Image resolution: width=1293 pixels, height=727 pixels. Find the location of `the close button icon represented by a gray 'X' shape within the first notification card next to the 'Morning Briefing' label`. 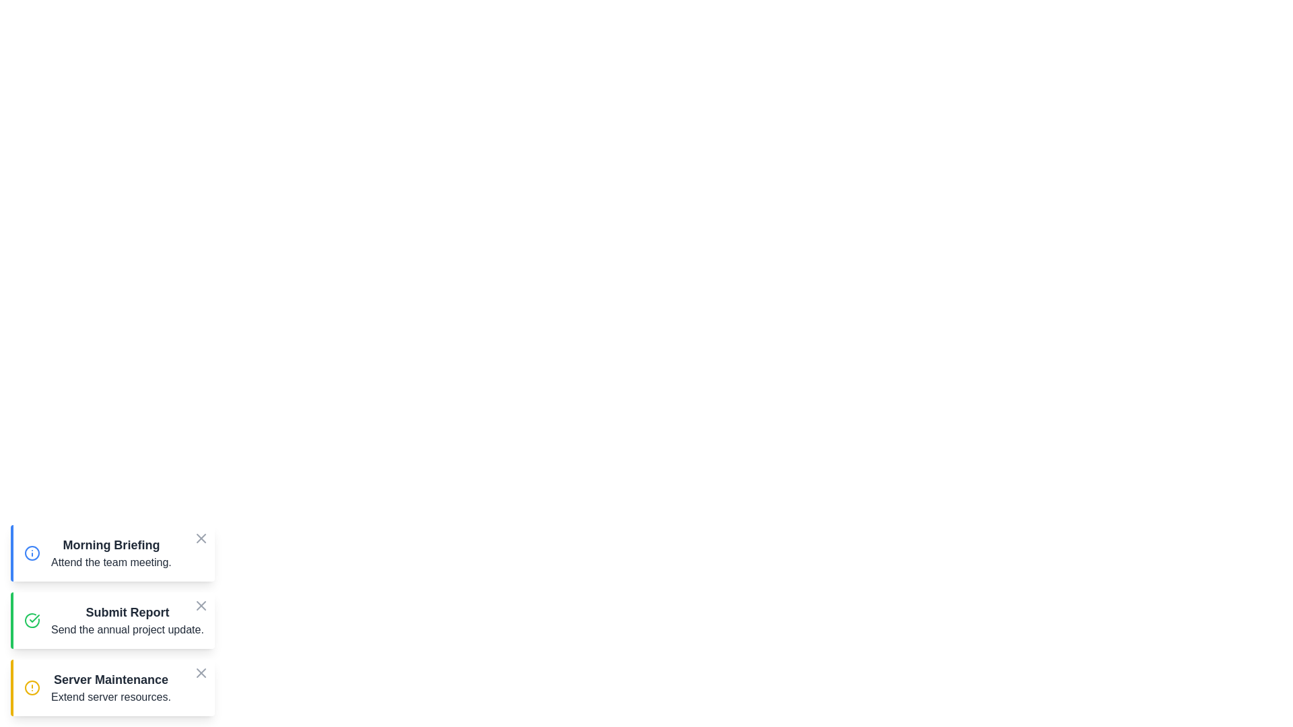

the close button icon represented by a gray 'X' shape within the first notification card next to the 'Morning Briefing' label is located at coordinates (200, 537).